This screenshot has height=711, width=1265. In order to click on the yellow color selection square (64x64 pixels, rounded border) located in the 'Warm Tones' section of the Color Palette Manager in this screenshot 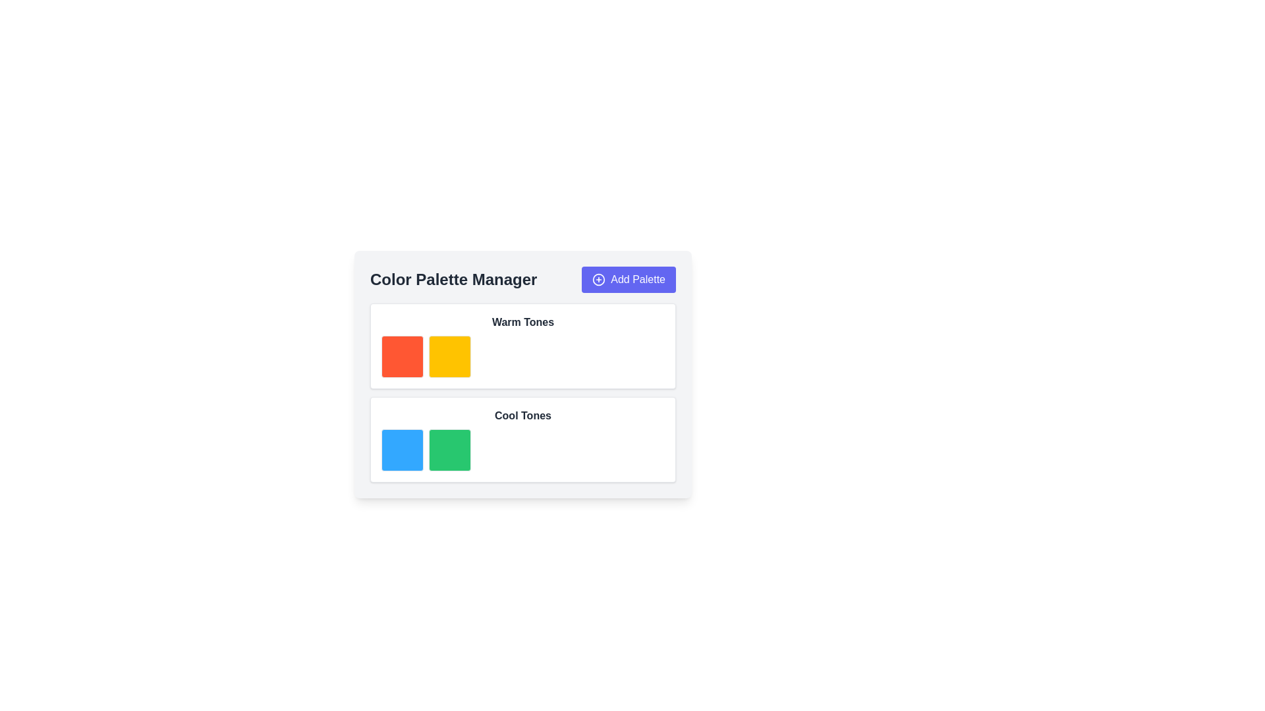, I will do `click(449, 357)`.